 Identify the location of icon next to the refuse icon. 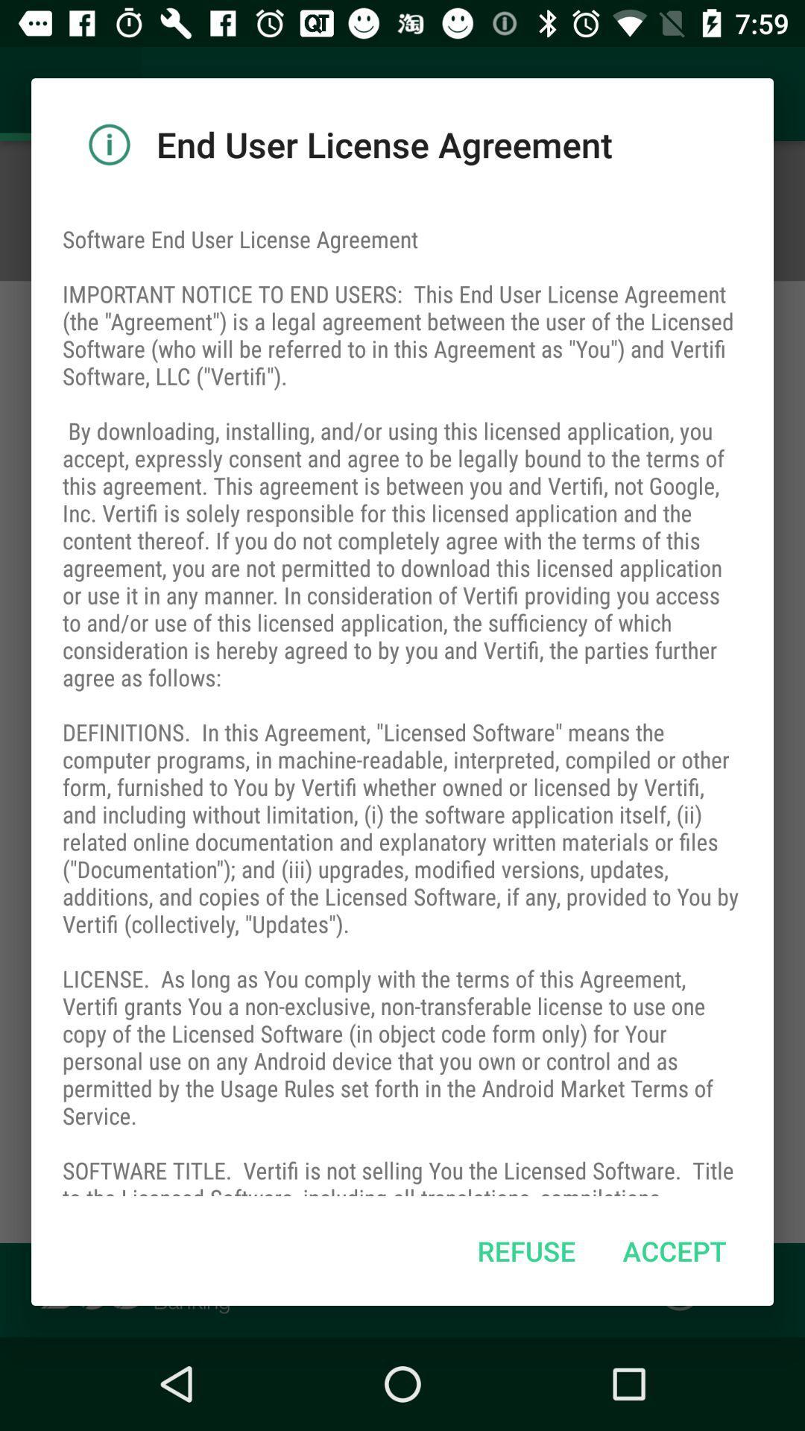
(675, 1251).